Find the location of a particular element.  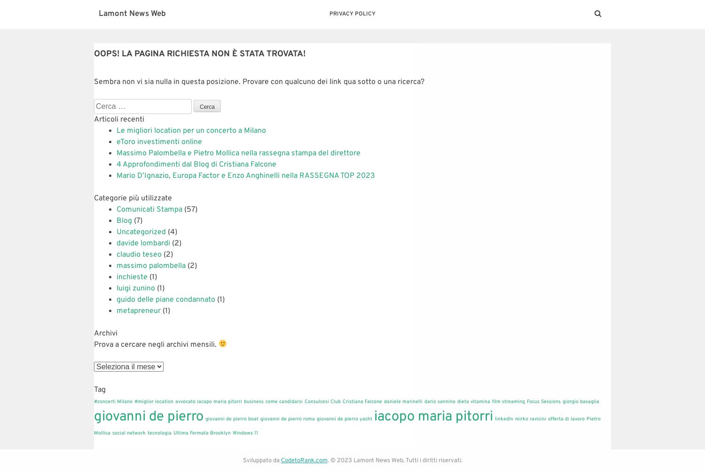

'daniele marinelli' is located at coordinates (402, 401).